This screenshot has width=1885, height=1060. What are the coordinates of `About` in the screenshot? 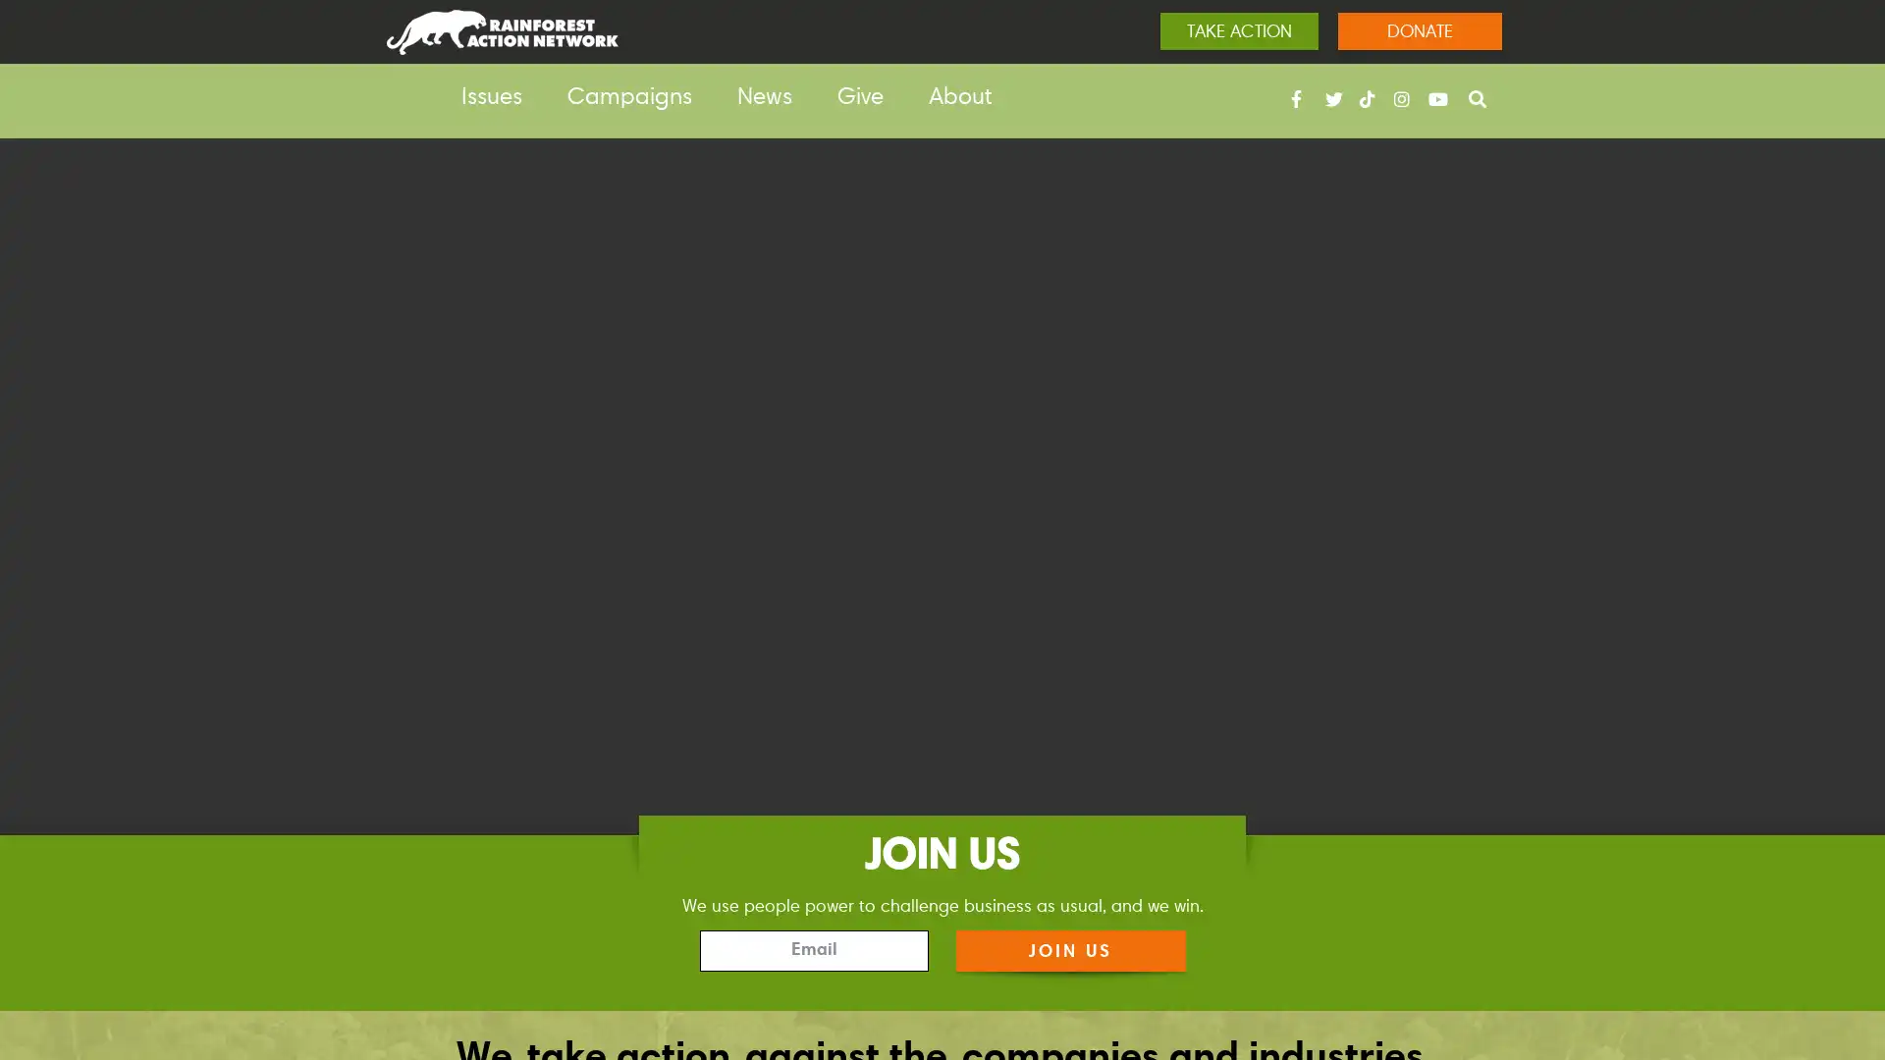 It's located at (960, 98).